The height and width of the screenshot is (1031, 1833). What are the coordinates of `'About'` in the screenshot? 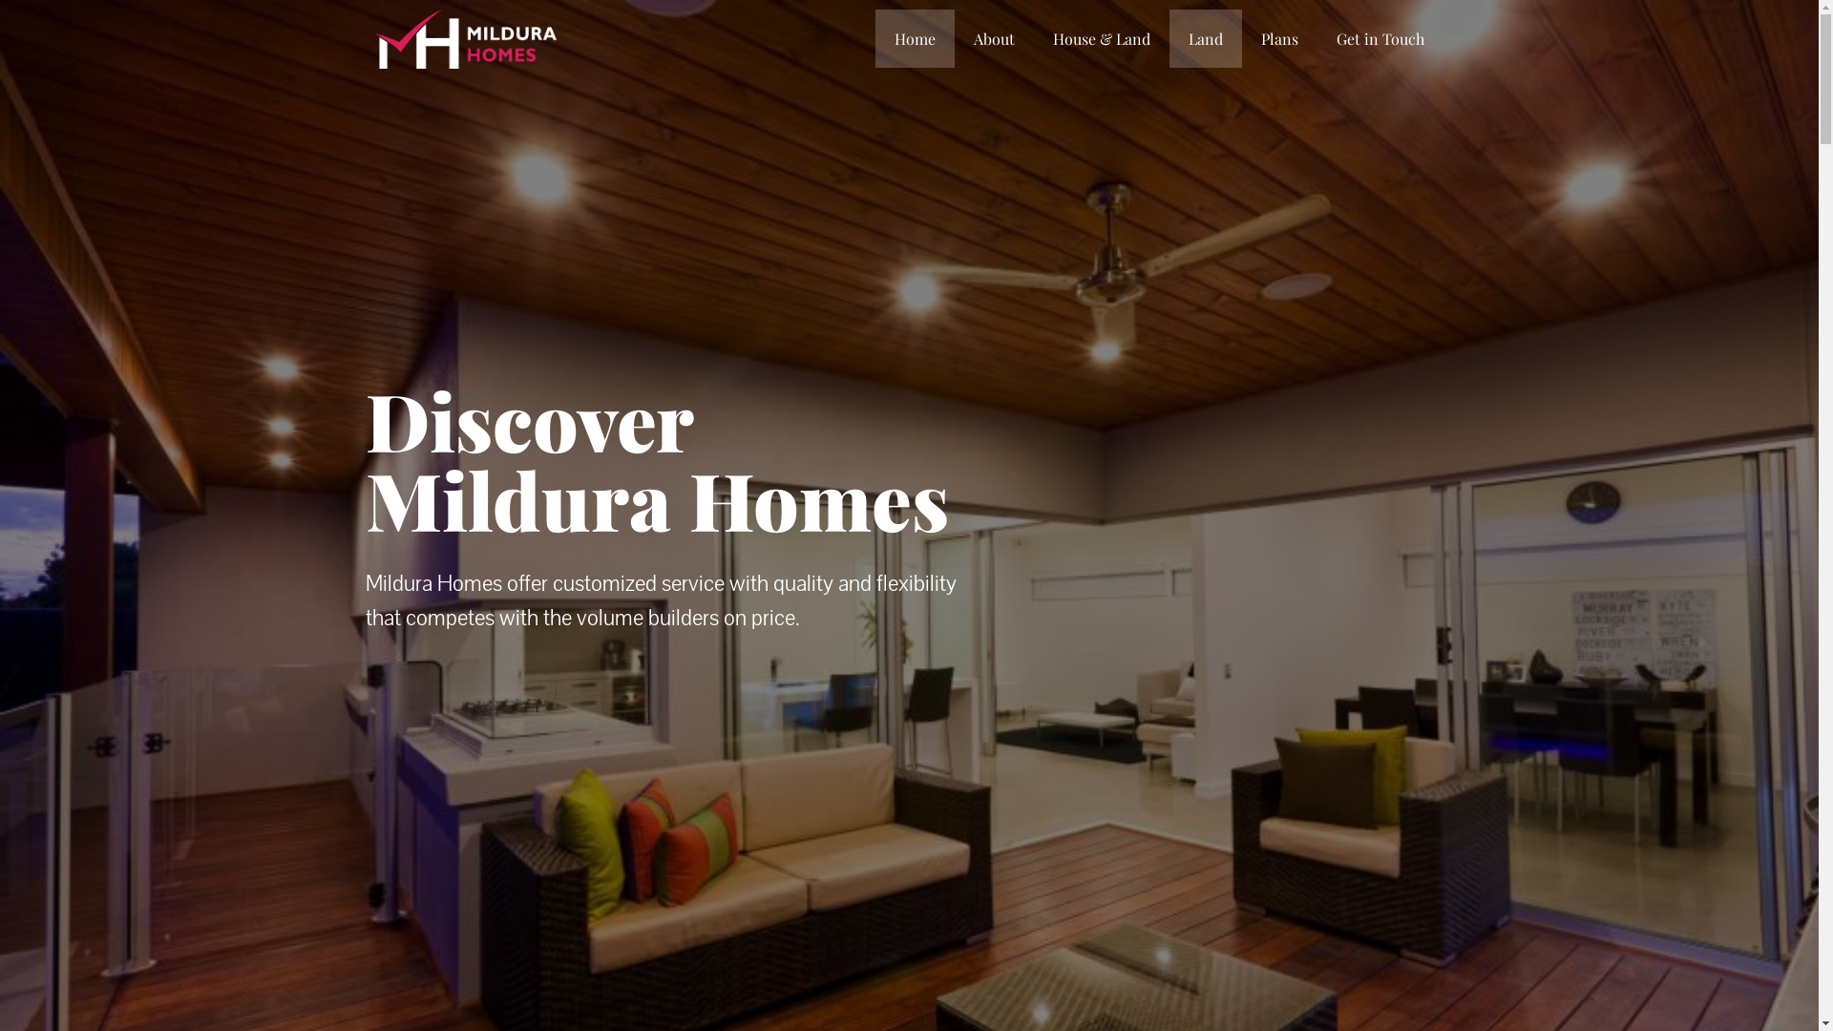 It's located at (993, 38).